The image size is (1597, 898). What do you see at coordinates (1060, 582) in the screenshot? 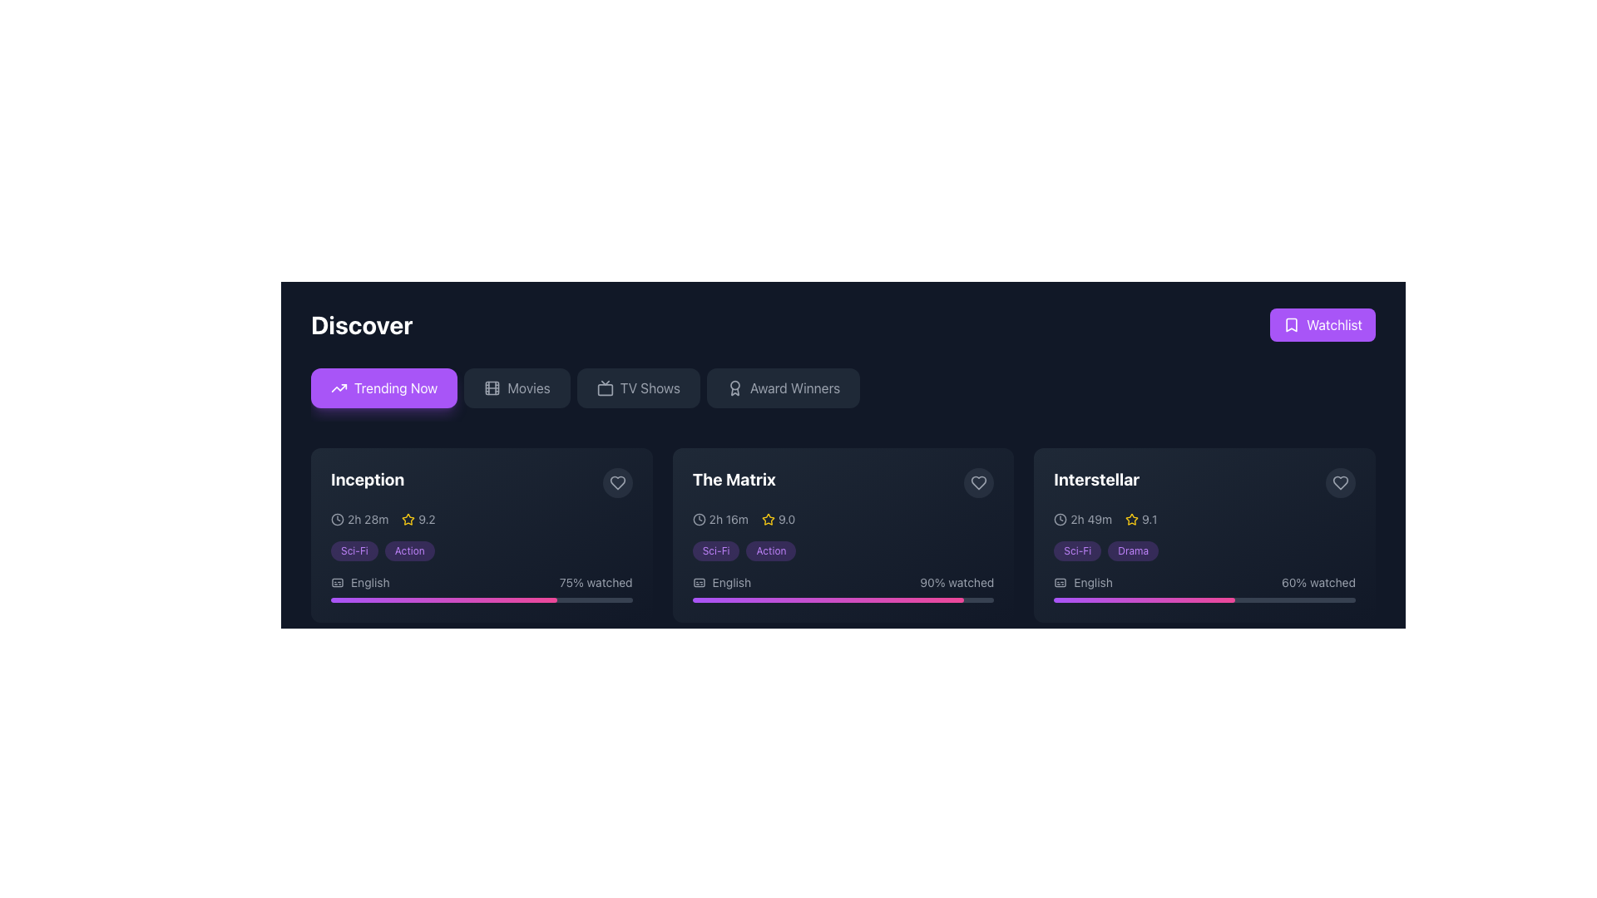
I see `the small icon resembling a captions or subtitles symbol located to the left of the text 'English' within the 'Interstellar' section` at bounding box center [1060, 582].